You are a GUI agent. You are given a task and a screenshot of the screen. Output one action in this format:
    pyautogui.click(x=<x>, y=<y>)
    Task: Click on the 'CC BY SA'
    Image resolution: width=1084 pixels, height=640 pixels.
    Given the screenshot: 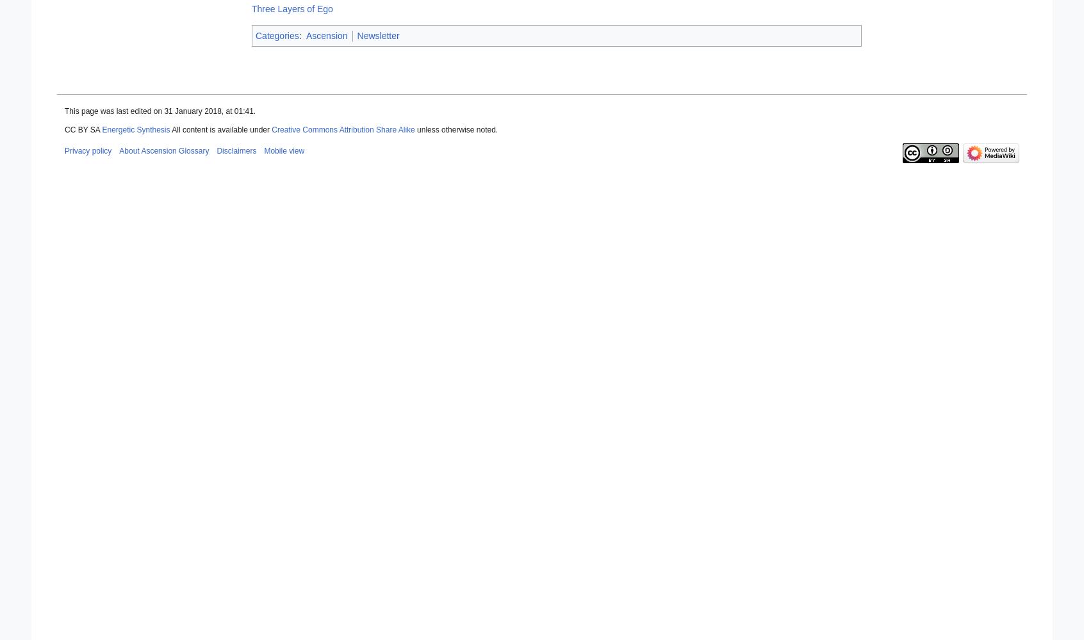 What is the action you would take?
    pyautogui.click(x=83, y=129)
    